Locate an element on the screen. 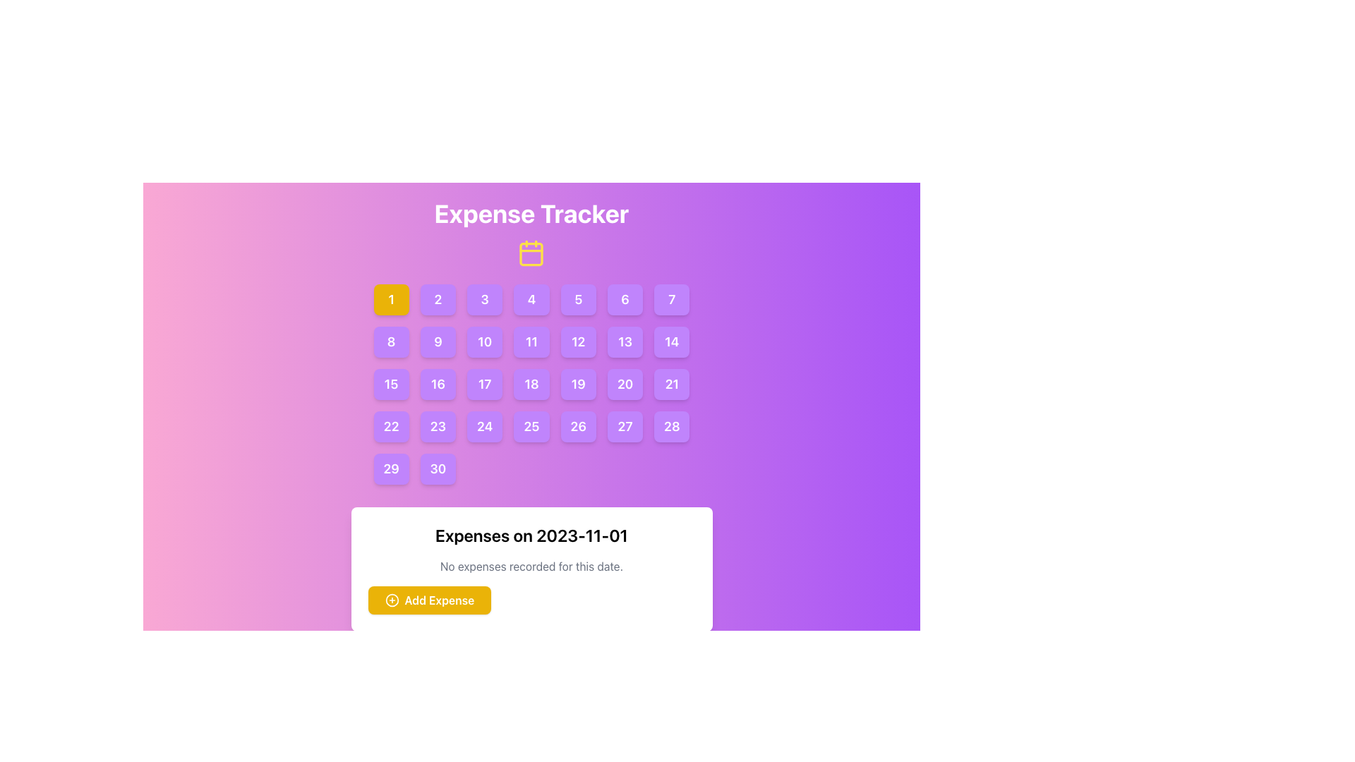 The image size is (1355, 762). the circular button labeled '12' in the calendar interface is located at coordinates (578, 342).